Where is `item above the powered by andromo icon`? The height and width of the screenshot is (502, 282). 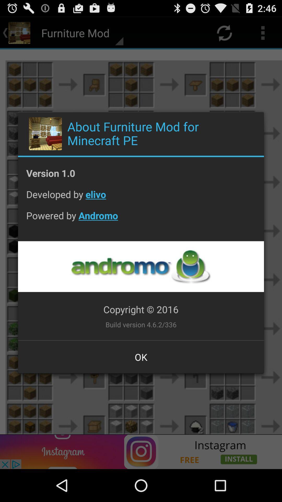 item above the powered by andromo icon is located at coordinates (141, 198).